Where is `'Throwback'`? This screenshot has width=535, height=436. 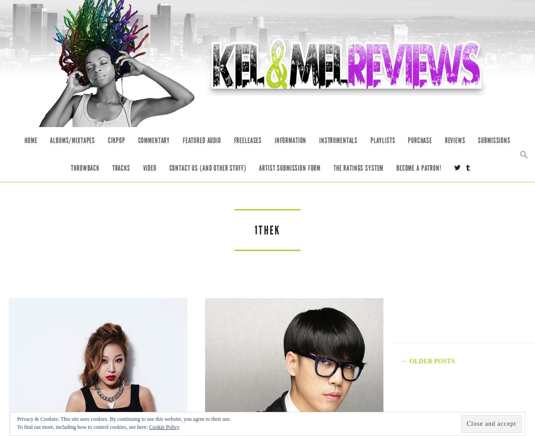 'Throwback' is located at coordinates (85, 167).